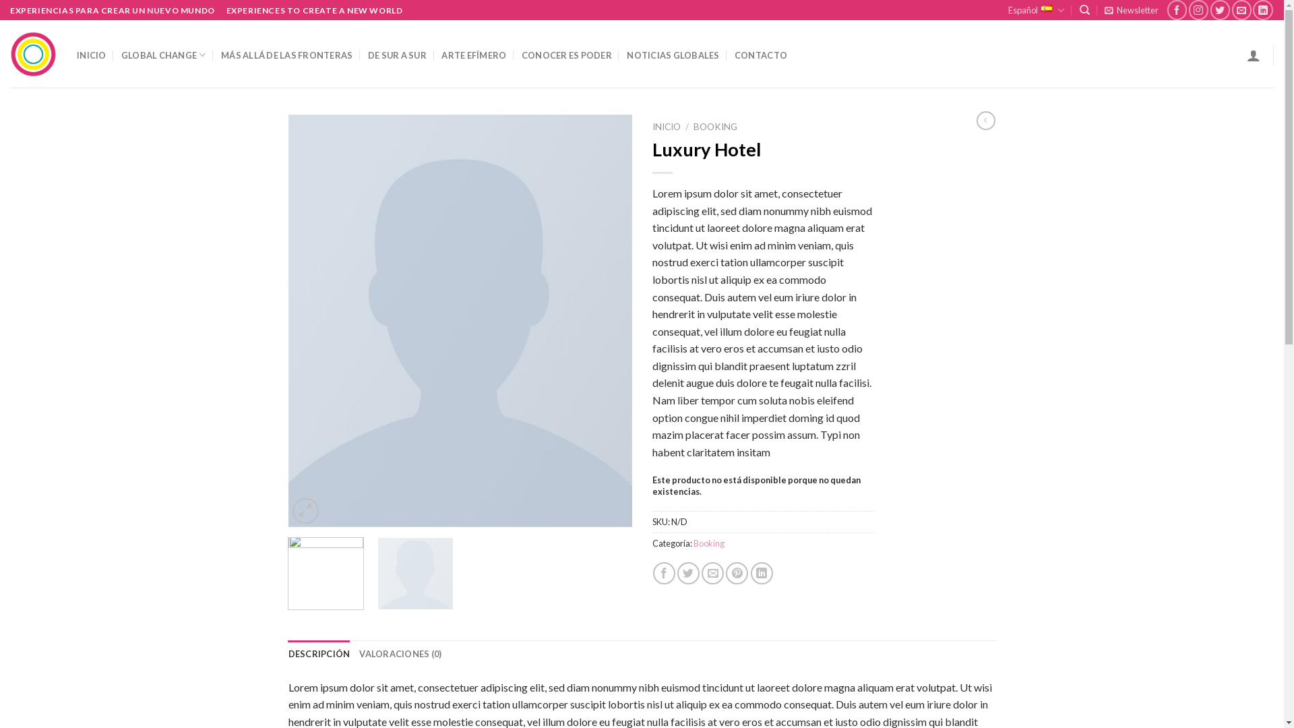  I want to click on 'Booking', so click(708, 543).